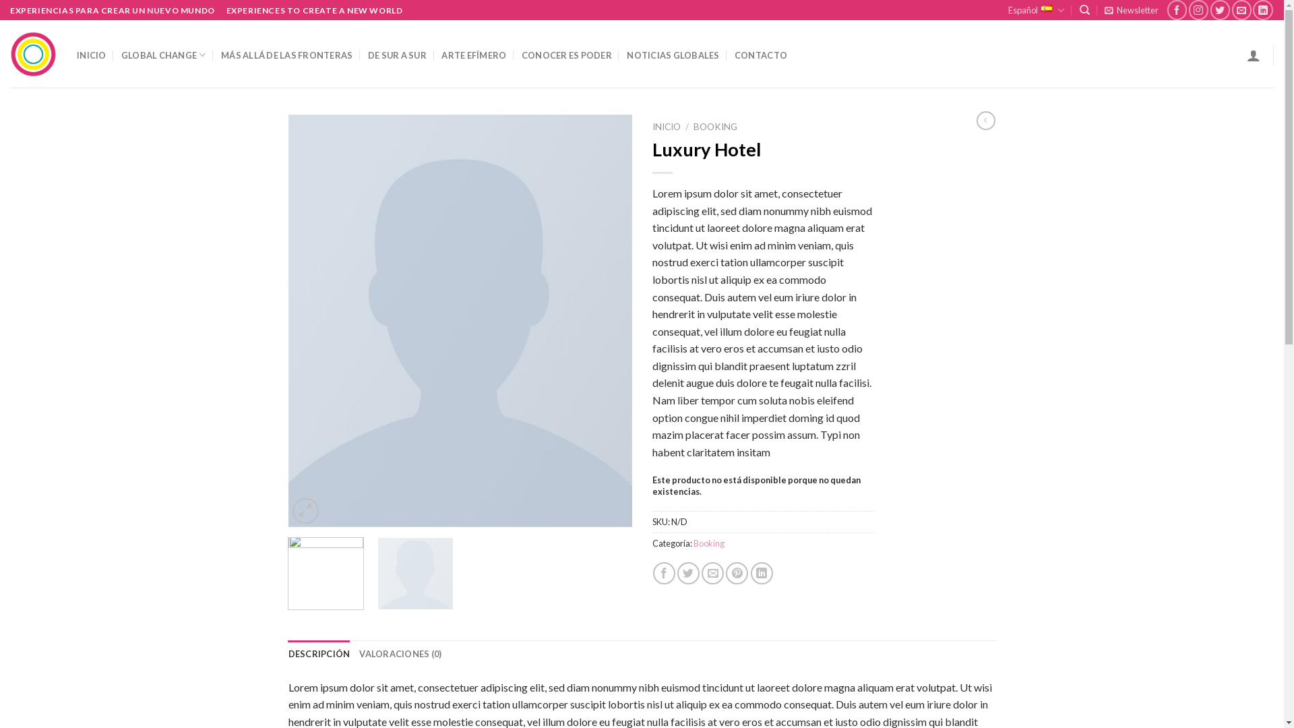  I want to click on 'Booking', so click(708, 543).